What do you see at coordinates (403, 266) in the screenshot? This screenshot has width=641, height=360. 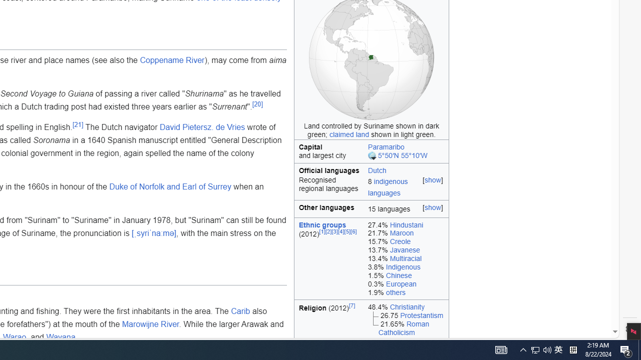 I see `'Indigenous'` at bounding box center [403, 266].